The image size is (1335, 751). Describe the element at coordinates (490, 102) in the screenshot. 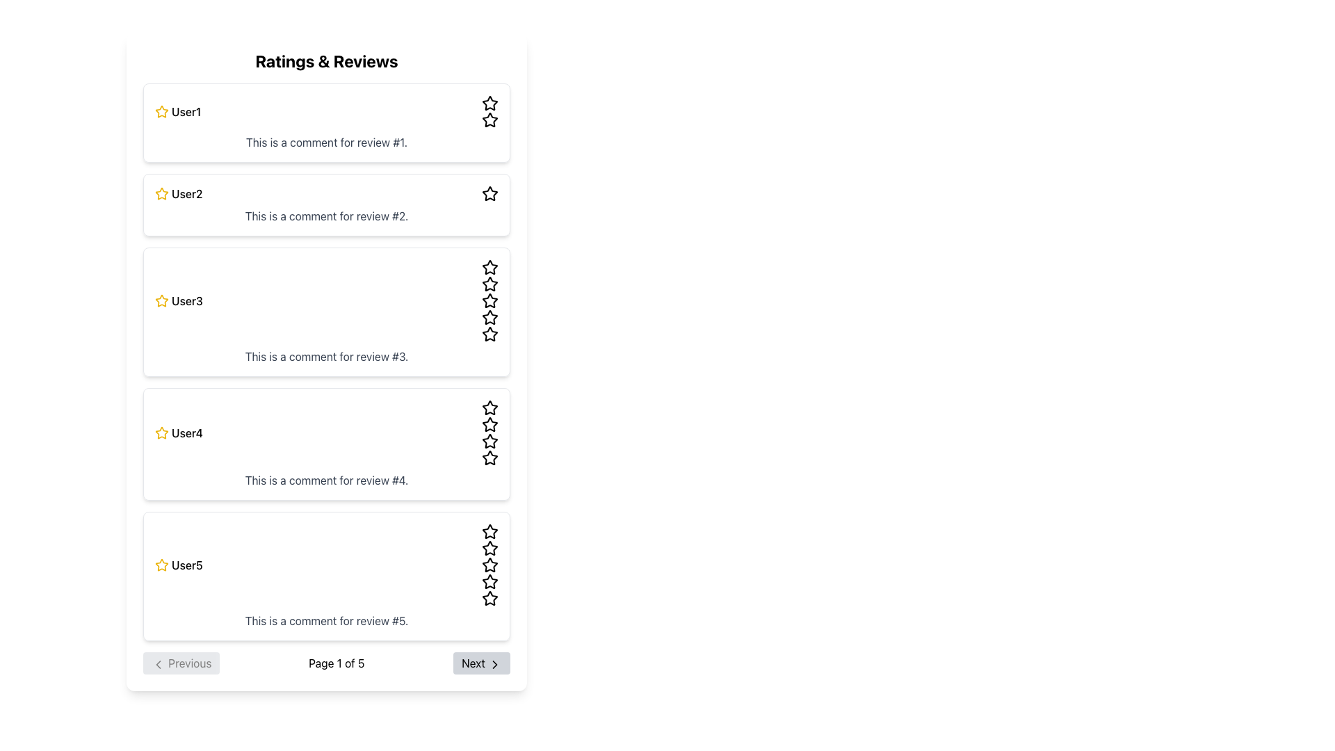

I see `the star icon with a hollow center located adjacent to the 'User1' label in the review section of the interface` at that location.